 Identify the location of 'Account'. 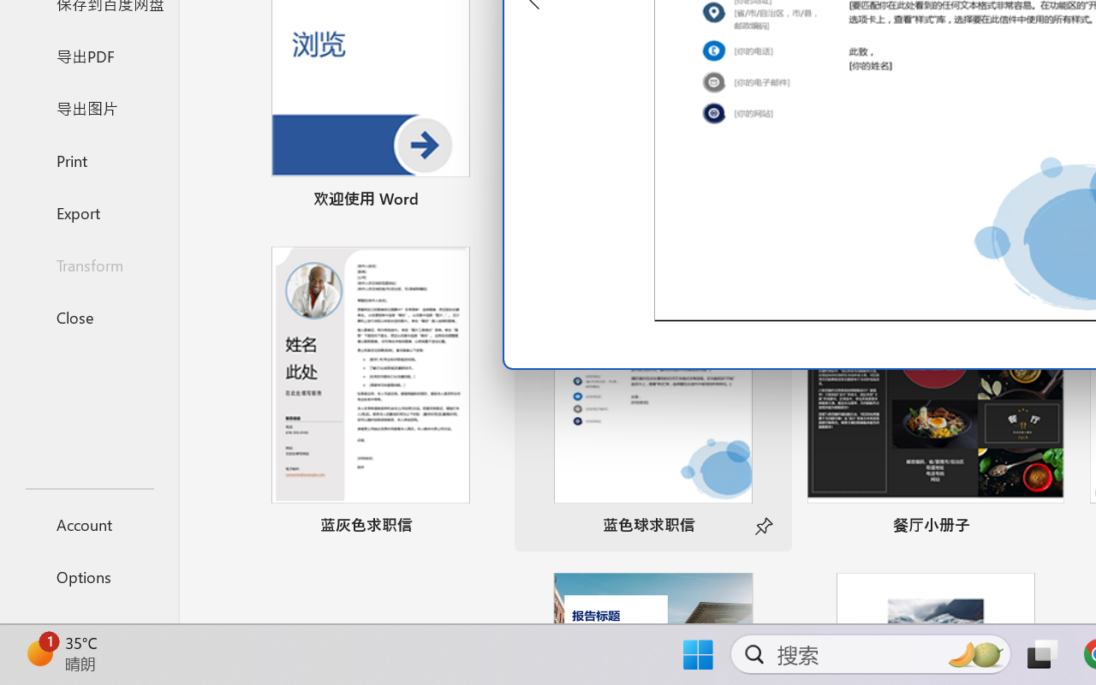
(88, 524).